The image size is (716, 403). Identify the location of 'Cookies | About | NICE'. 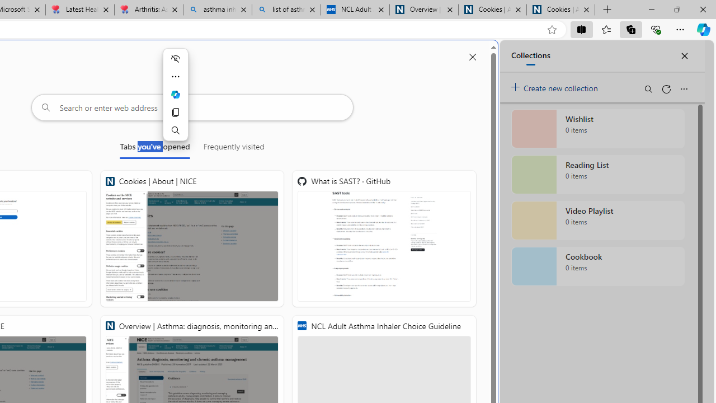
(192, 238).